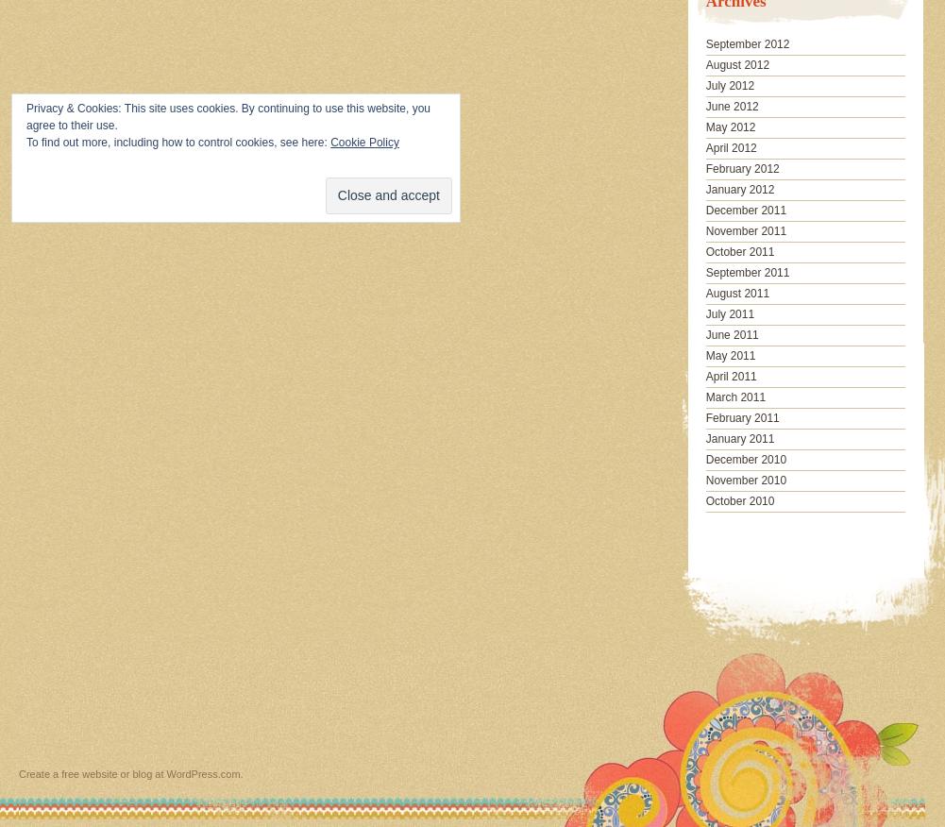 This screenshot has height=827, width=945. I want to click on 'December 2011', so click(744, 208).